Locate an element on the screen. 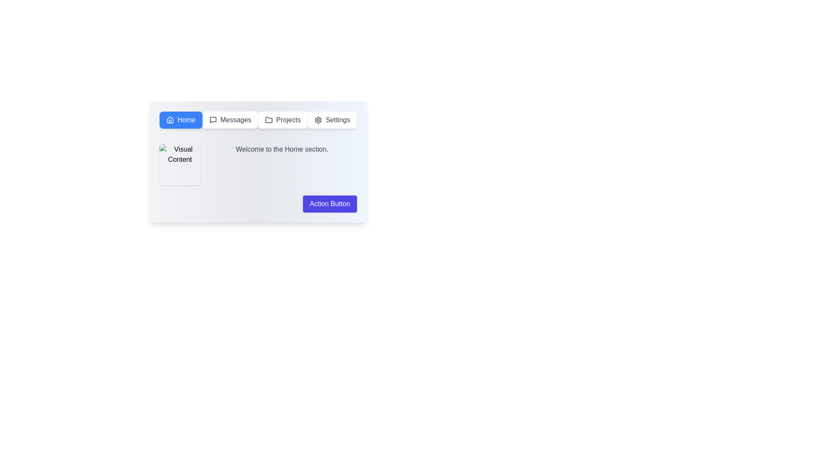  the speech bubble-like icon located within the 'Messages' button section, positioned to the left of the text 'Messages' is located at coordinates (213, 120).